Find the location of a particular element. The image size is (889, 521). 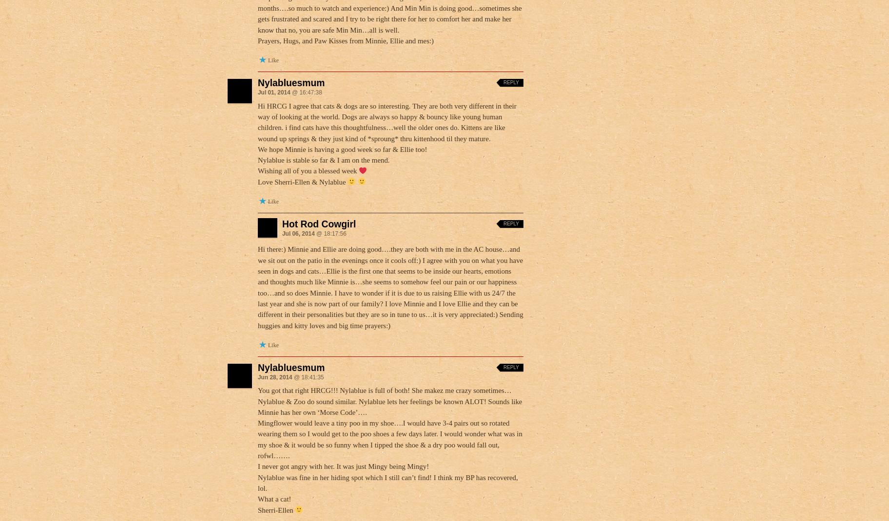

'Mingflower would leave a tiny poo in my shoe….I would have 3-4 pairs out so rotated wearing them so I would get to the poo shoes a few days later. I would wonder what was in my shoe & it would be so funny when I tipped the shoe & a dry poo would fall out, rofwl…….' is located at coordinates (390, 439).